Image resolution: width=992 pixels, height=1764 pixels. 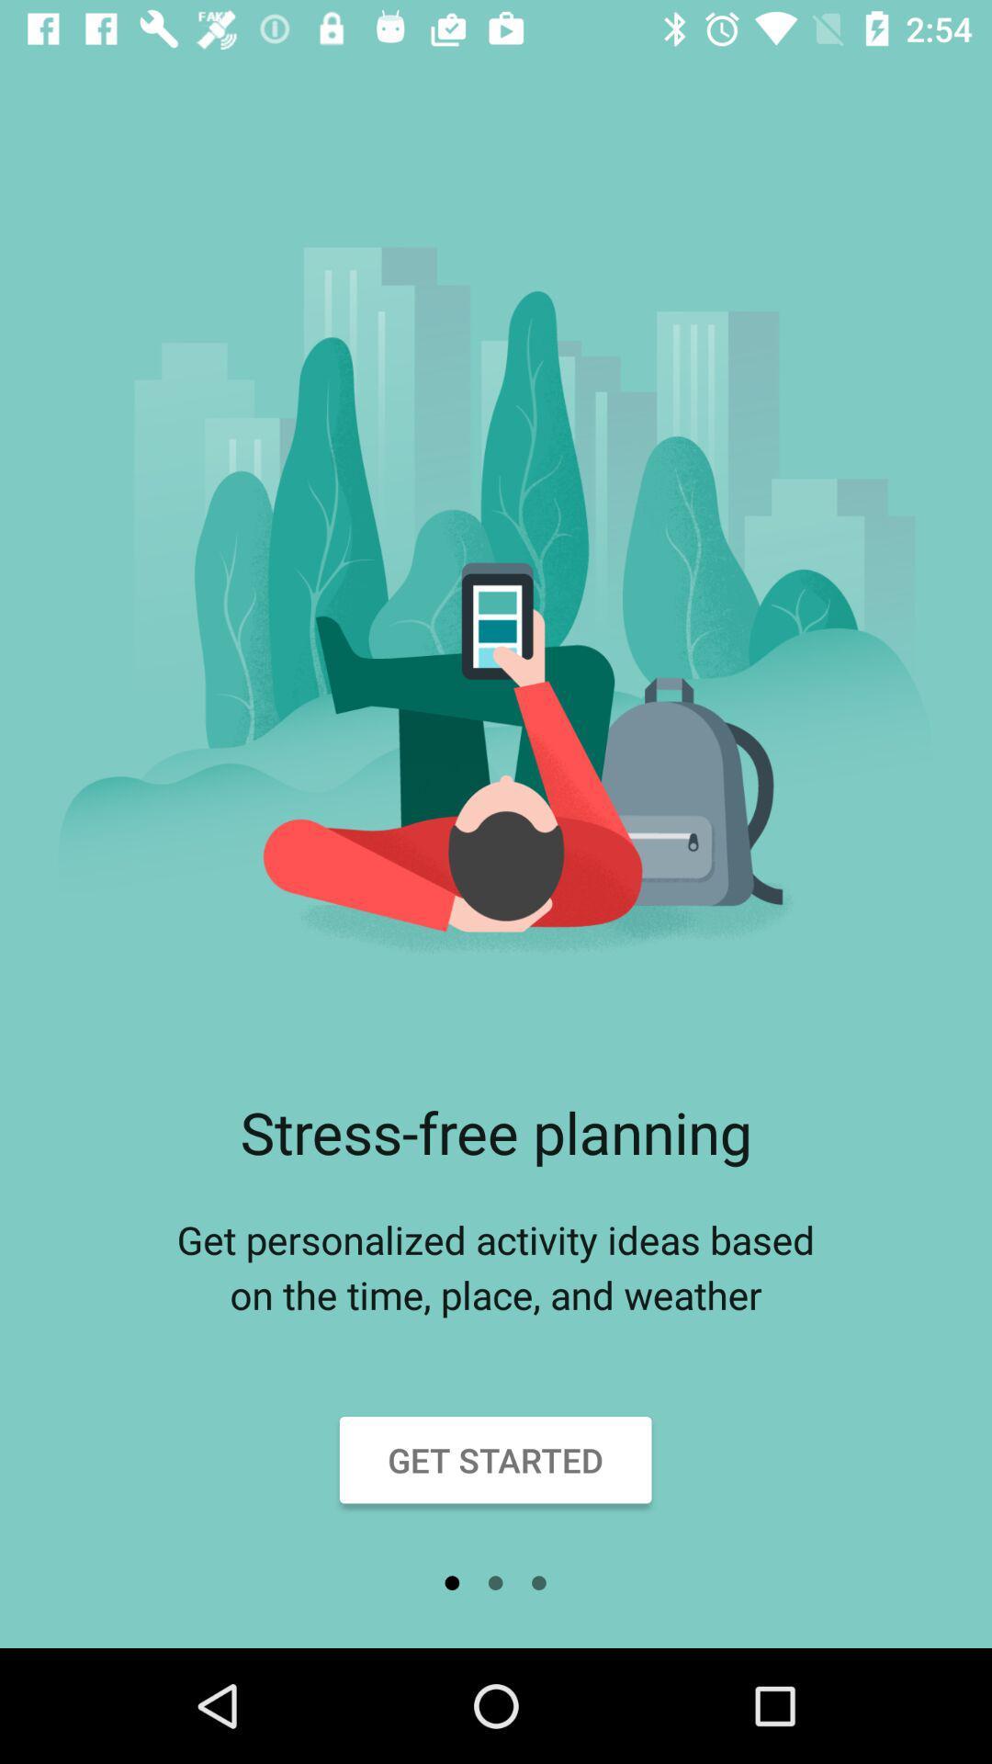 I want to click on the icon below get personalized activity item, so click(x=494, y=1459).